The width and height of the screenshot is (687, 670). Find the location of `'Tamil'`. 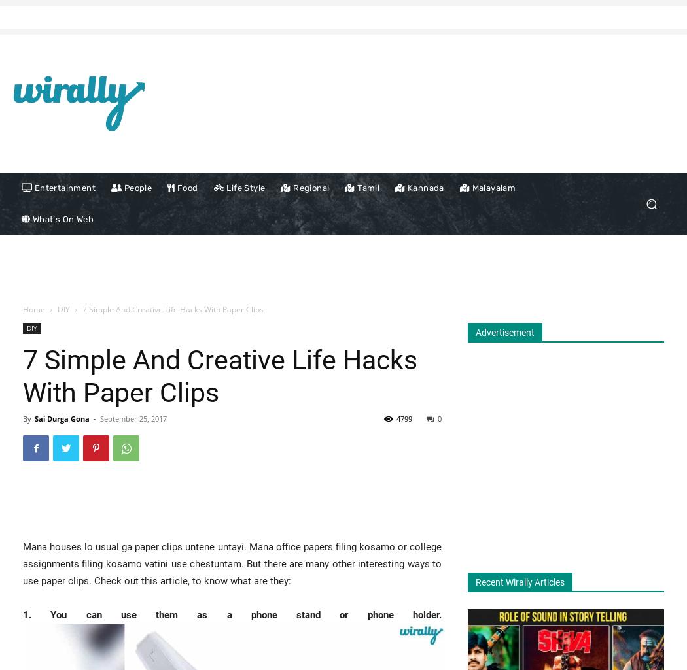

'Tamil' is located at coordinates (367, 188).